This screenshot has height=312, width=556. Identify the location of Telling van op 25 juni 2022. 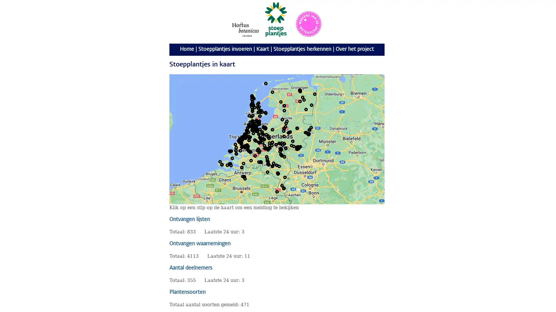
(246, 136).